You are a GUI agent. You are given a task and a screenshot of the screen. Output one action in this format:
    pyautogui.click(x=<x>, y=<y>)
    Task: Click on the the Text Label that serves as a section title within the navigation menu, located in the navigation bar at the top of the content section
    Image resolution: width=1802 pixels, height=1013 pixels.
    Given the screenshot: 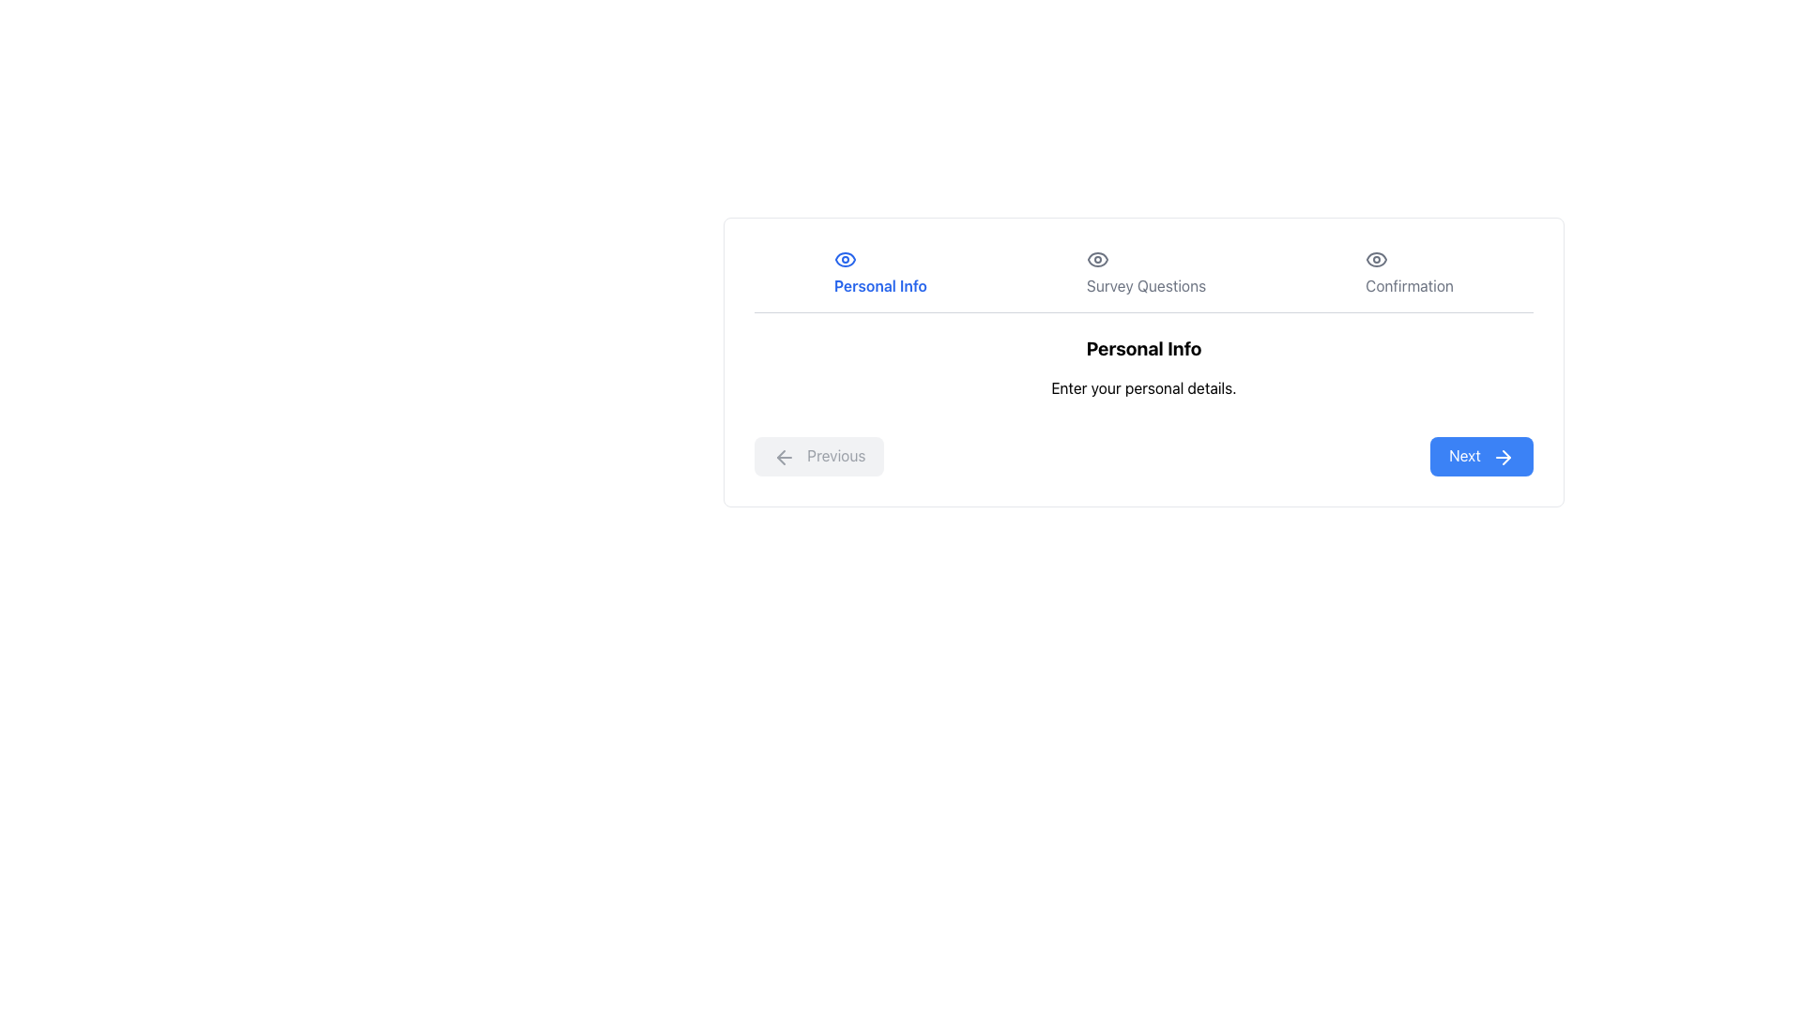 What is the action you would take?
    pyautogui.click(x=879, y=285)
    